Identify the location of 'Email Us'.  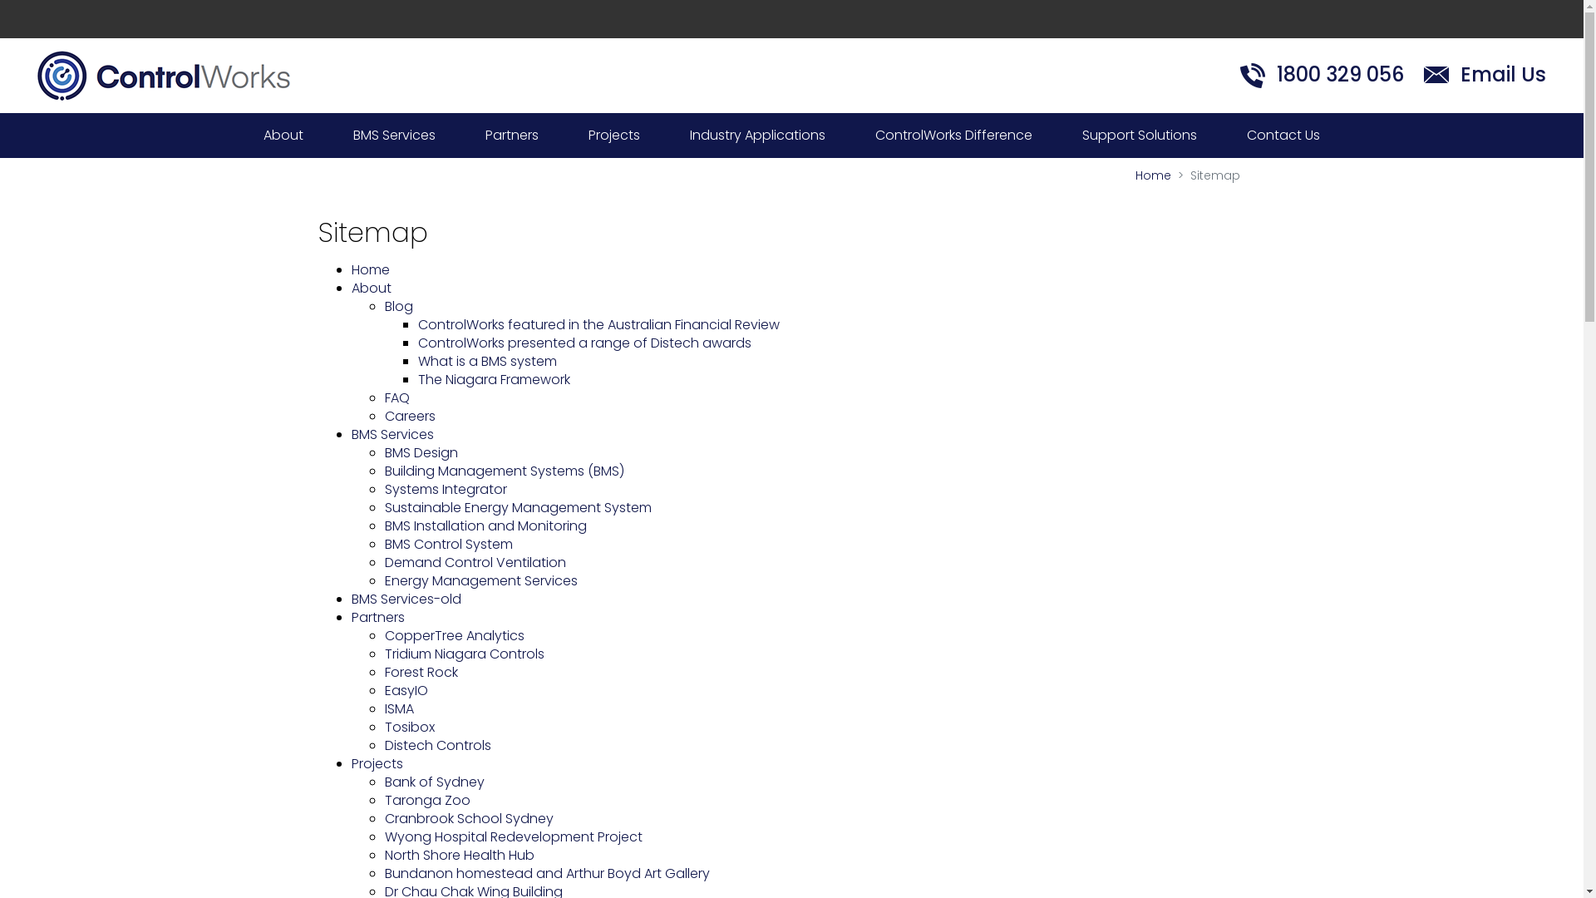
(1423, 73).